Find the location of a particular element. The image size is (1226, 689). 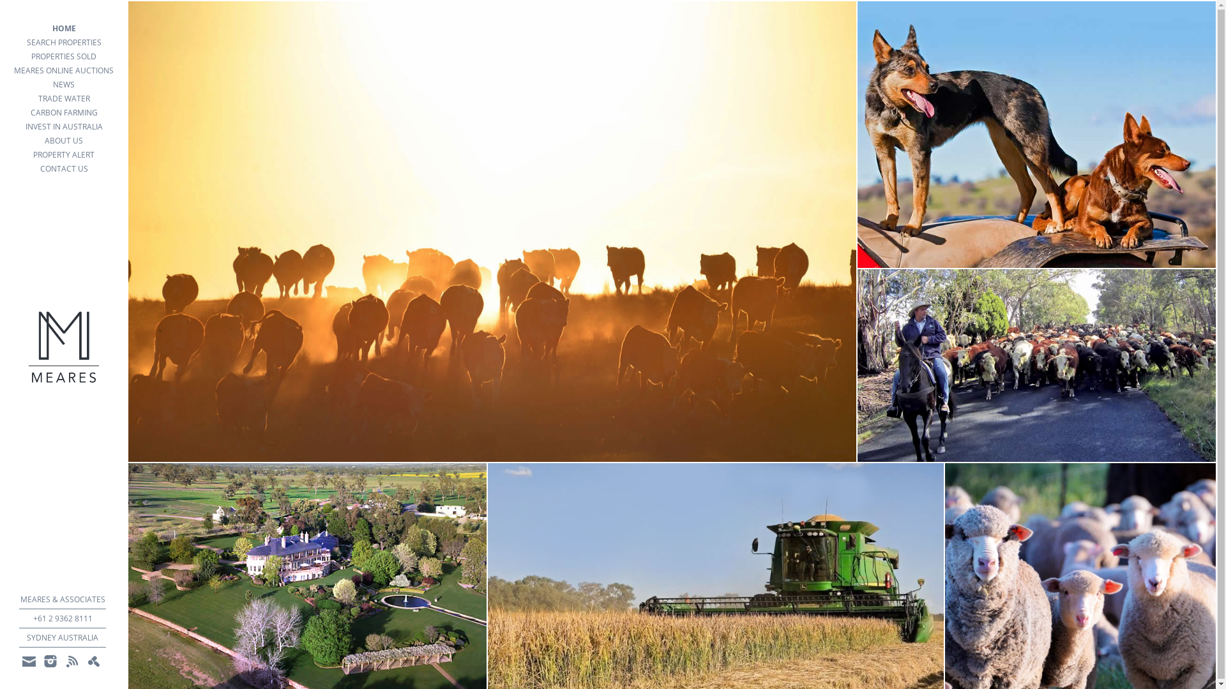

'. ' is located at coordinates (93, 660).